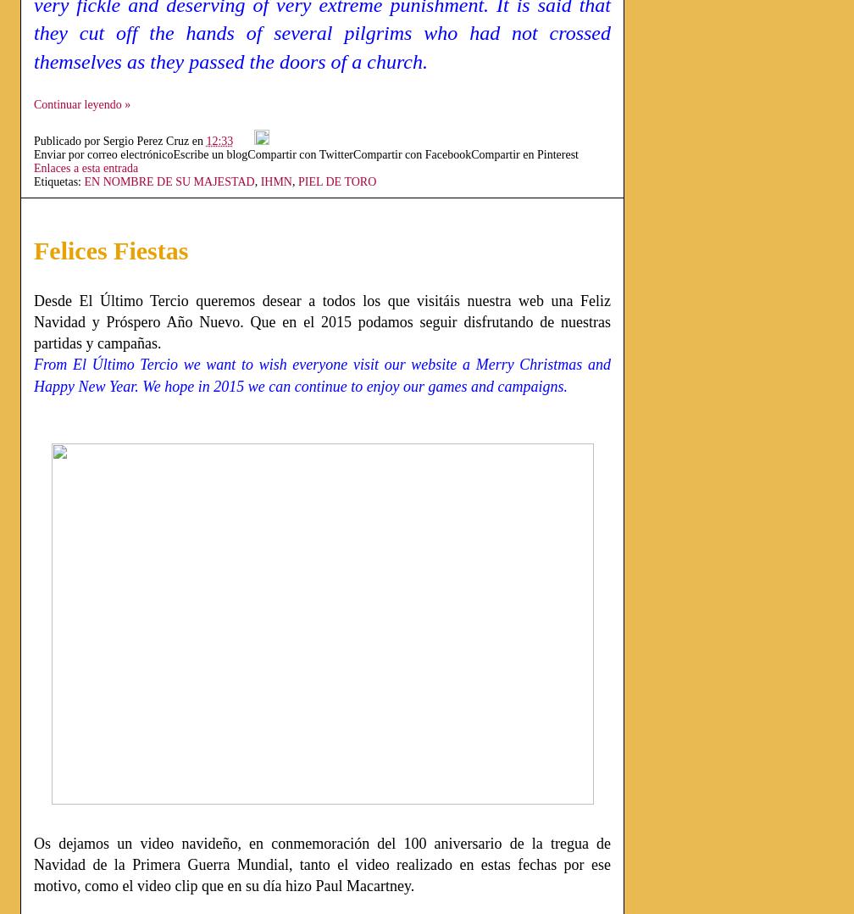 The image size is (854, 914). Describe the element at coordinates (247, 153) in the screenshot. I see `'Compartir con Twitter'` at that location.